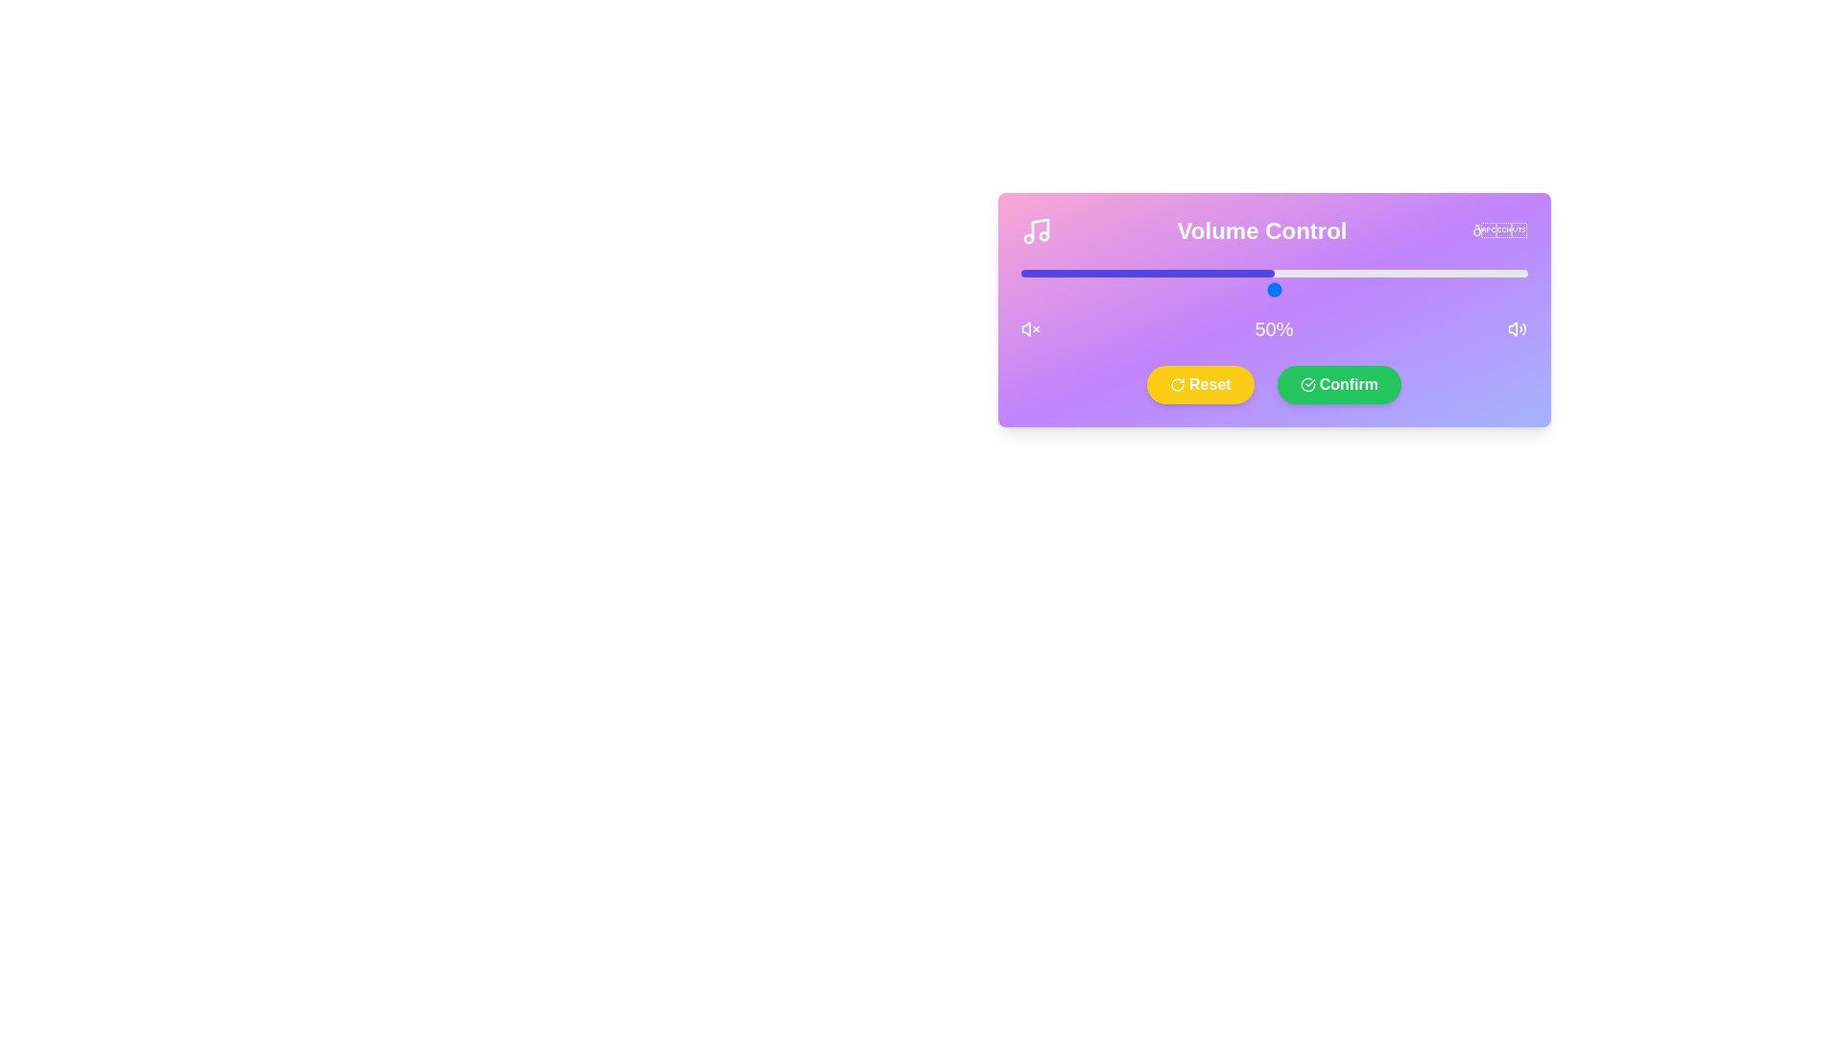  Describe the element at coordinates (1328, 289) in the screenshot. I see `the slider` at that location.